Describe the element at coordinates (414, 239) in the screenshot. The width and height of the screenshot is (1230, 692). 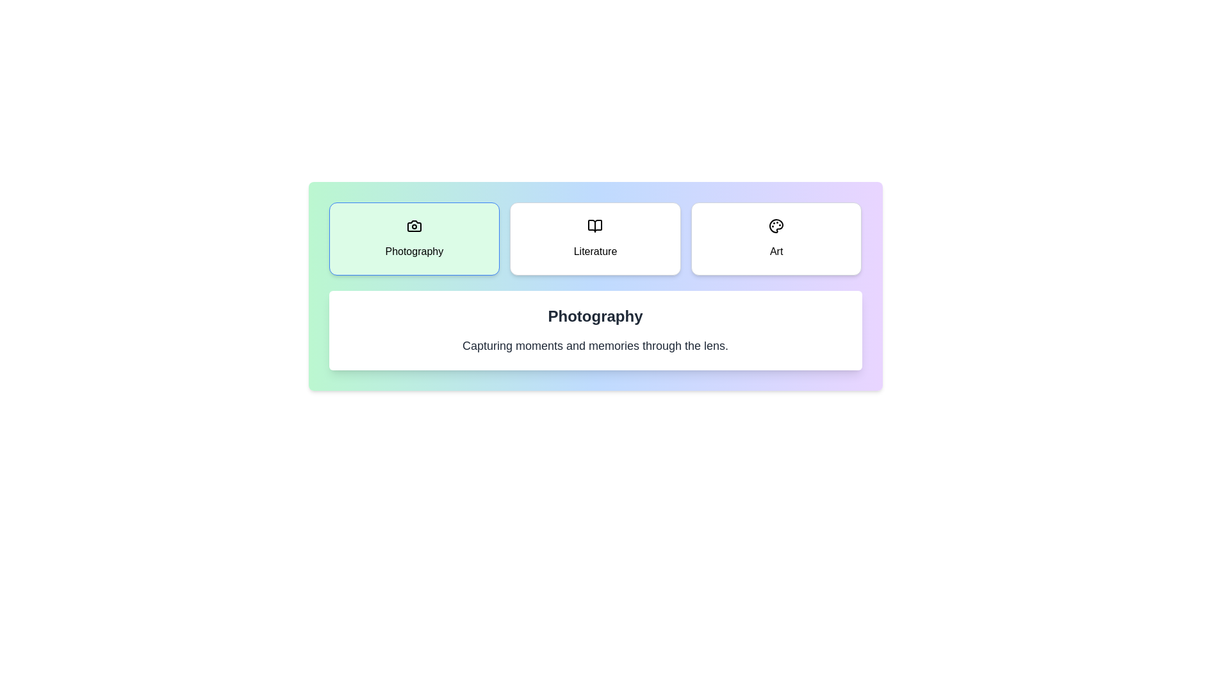
I see `the interactive card related to 'Photography', which is the first card on the left in a row of three cards, to observe the hover effects` at that location.